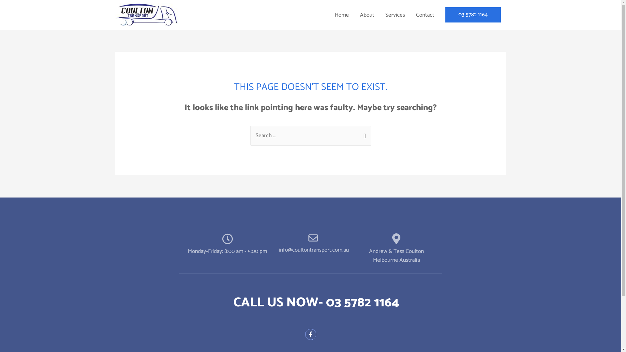  What do you see at coordinates (394, 15) in the screenshot?
I see `'Services'` at bounding box center [394, 15].